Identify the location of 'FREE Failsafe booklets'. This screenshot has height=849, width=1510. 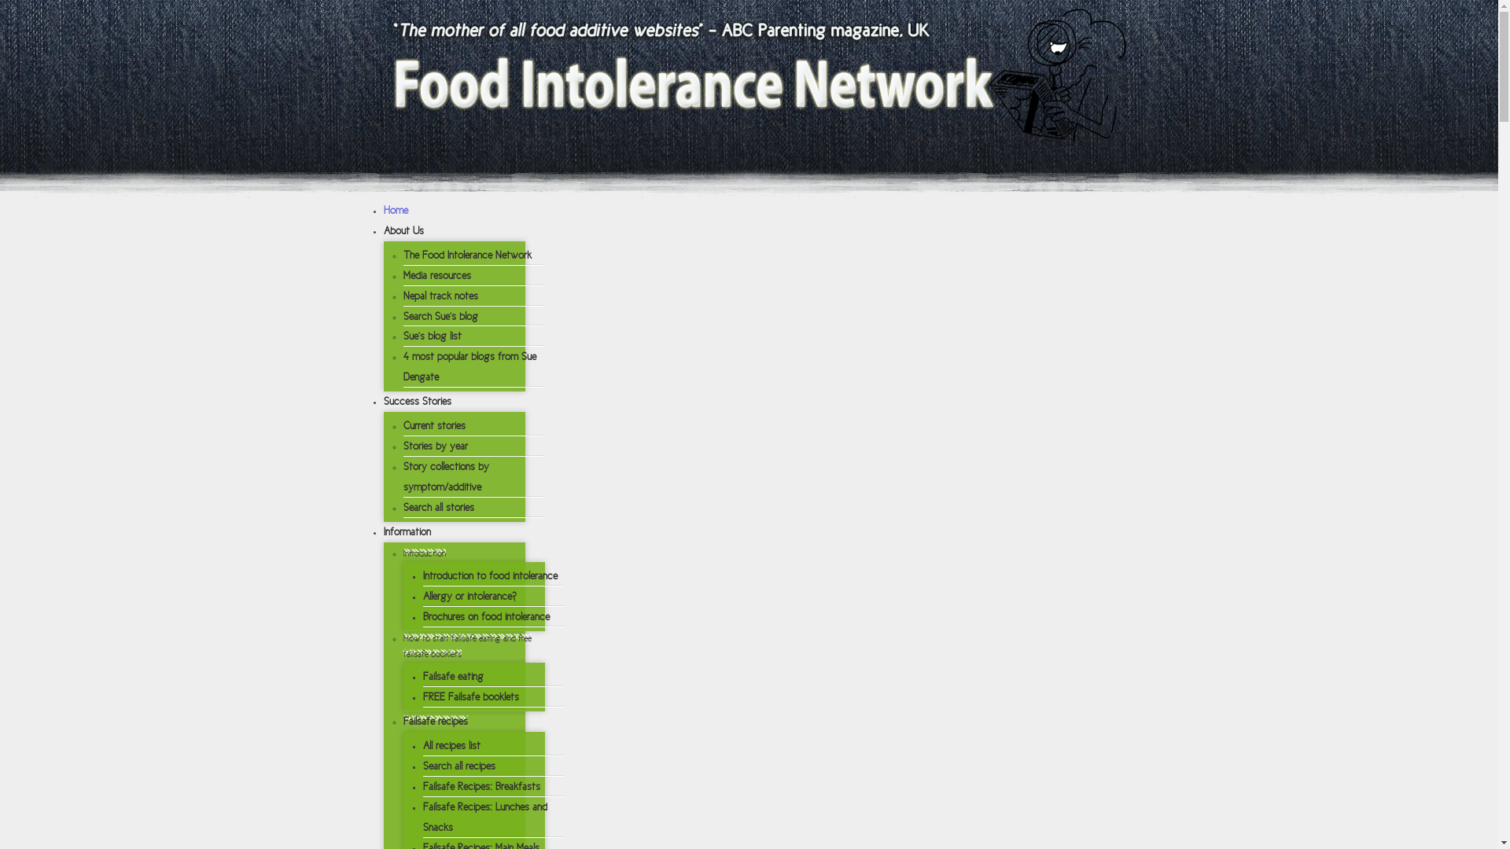
(470, 696).